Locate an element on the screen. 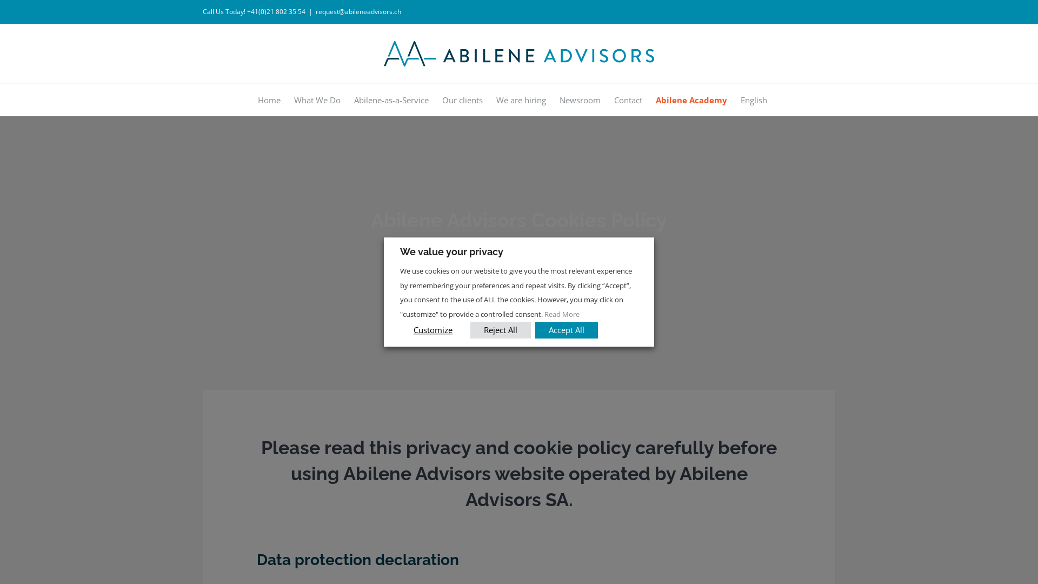 This screenshot has width=1038, height=584. 'Home' is located at coordinates (269, 99).